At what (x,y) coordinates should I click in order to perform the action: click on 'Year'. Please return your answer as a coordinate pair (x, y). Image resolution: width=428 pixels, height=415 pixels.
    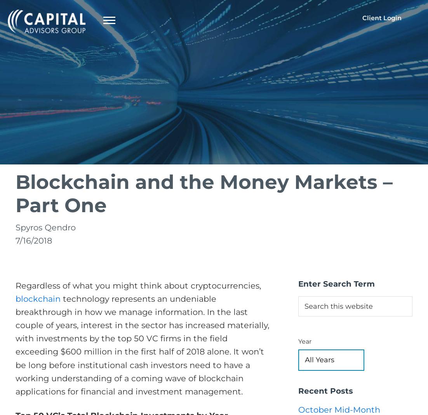
    Looking at the image, I should click on (298, 341).